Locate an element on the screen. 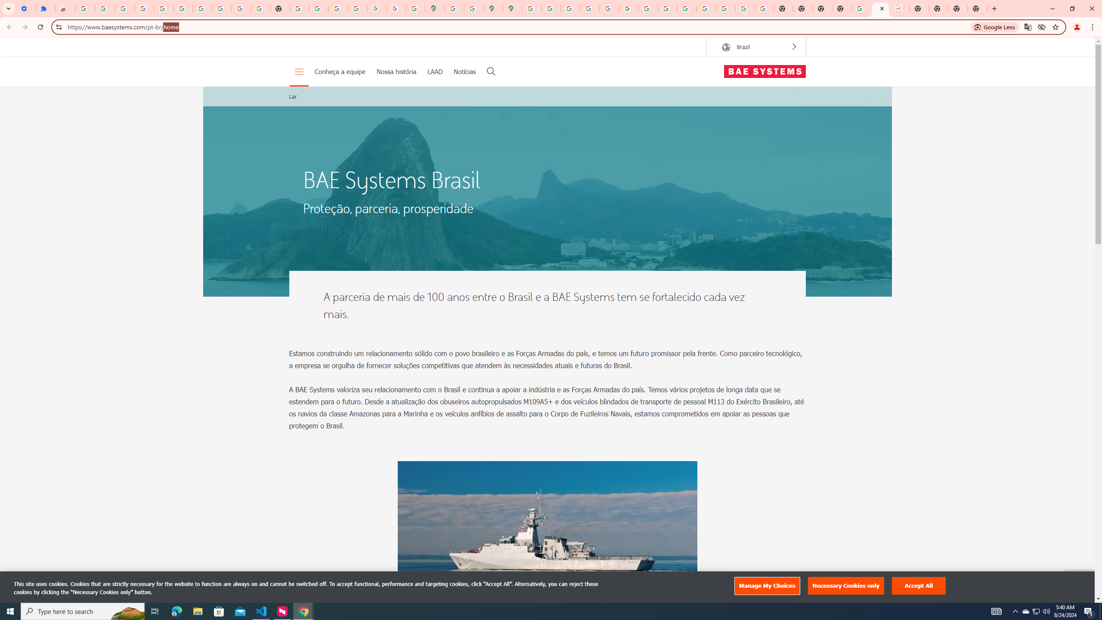 Image resolution: width=1102 pixels, height=620 pixels. 'Privacy Help Center - Policies Help' is located at coordinates (570, 8).